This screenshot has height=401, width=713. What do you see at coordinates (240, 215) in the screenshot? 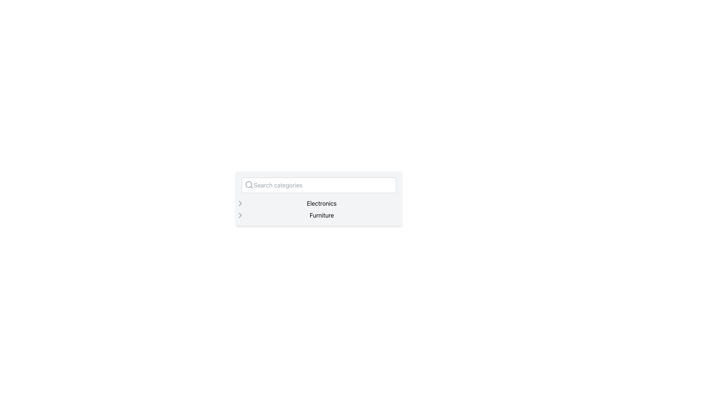
I see `the Navigation Icon (Chevron) adjacent to the 'Electronics' text` at bounding box center [240, 215].